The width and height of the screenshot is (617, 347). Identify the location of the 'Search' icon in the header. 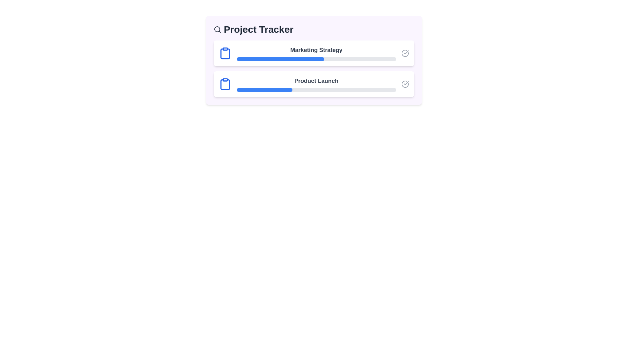
(217, 30).